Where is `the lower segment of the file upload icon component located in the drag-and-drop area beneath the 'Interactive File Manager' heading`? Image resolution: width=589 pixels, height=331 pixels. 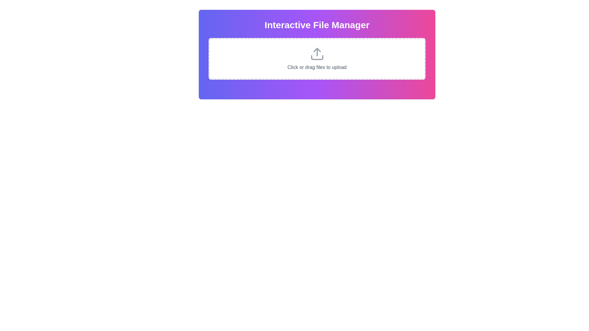
the lower segment of the file upload icon component located in the drag-and-drop area beneath the 'Interactive File Manager' heading is located at coordinates (317, 58).